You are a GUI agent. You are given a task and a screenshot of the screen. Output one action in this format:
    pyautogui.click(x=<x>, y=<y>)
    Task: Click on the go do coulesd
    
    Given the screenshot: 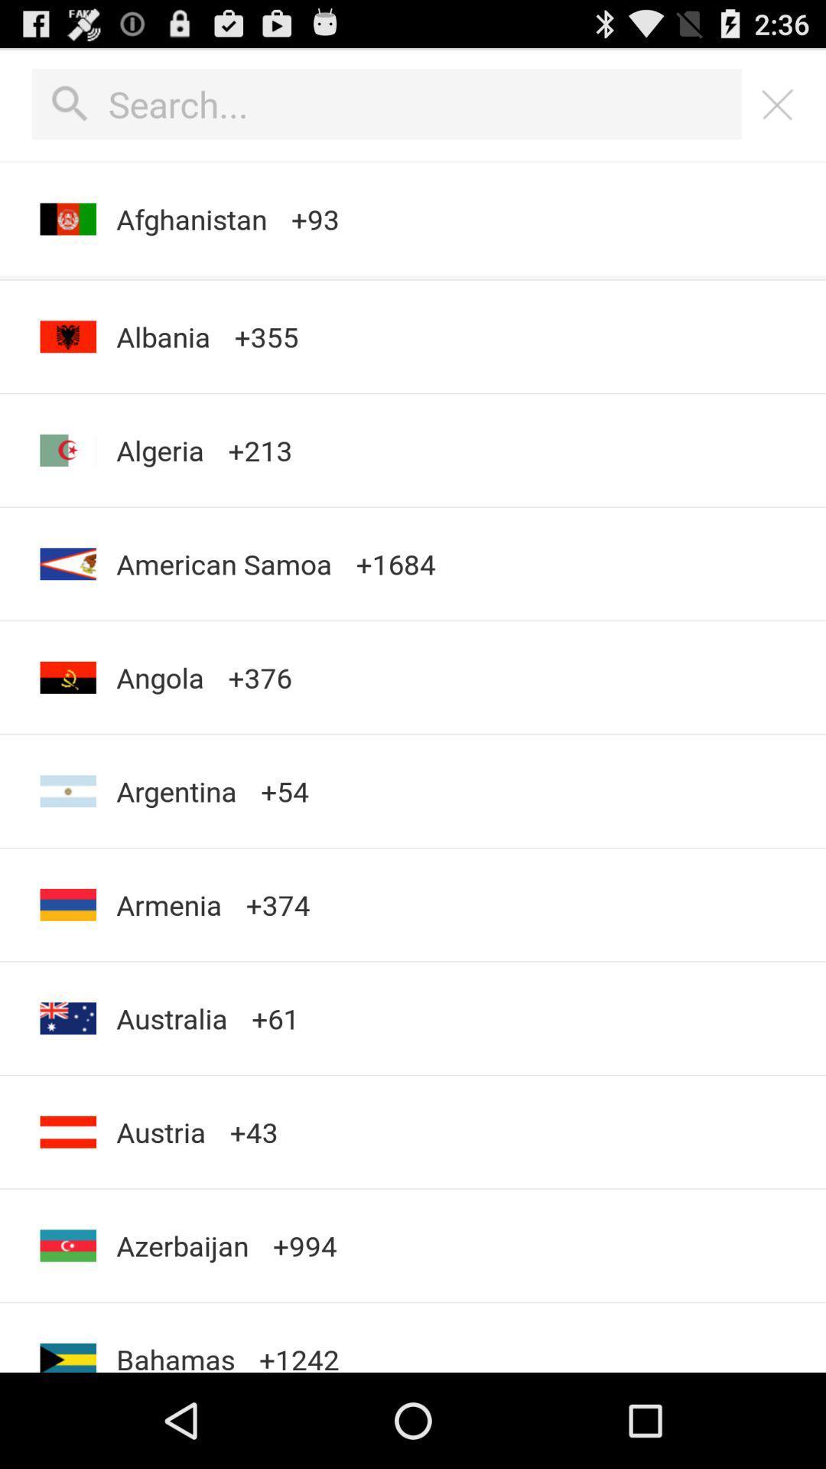 What is the action you would take?
    pyautogui.click(x=778, y=103)
    